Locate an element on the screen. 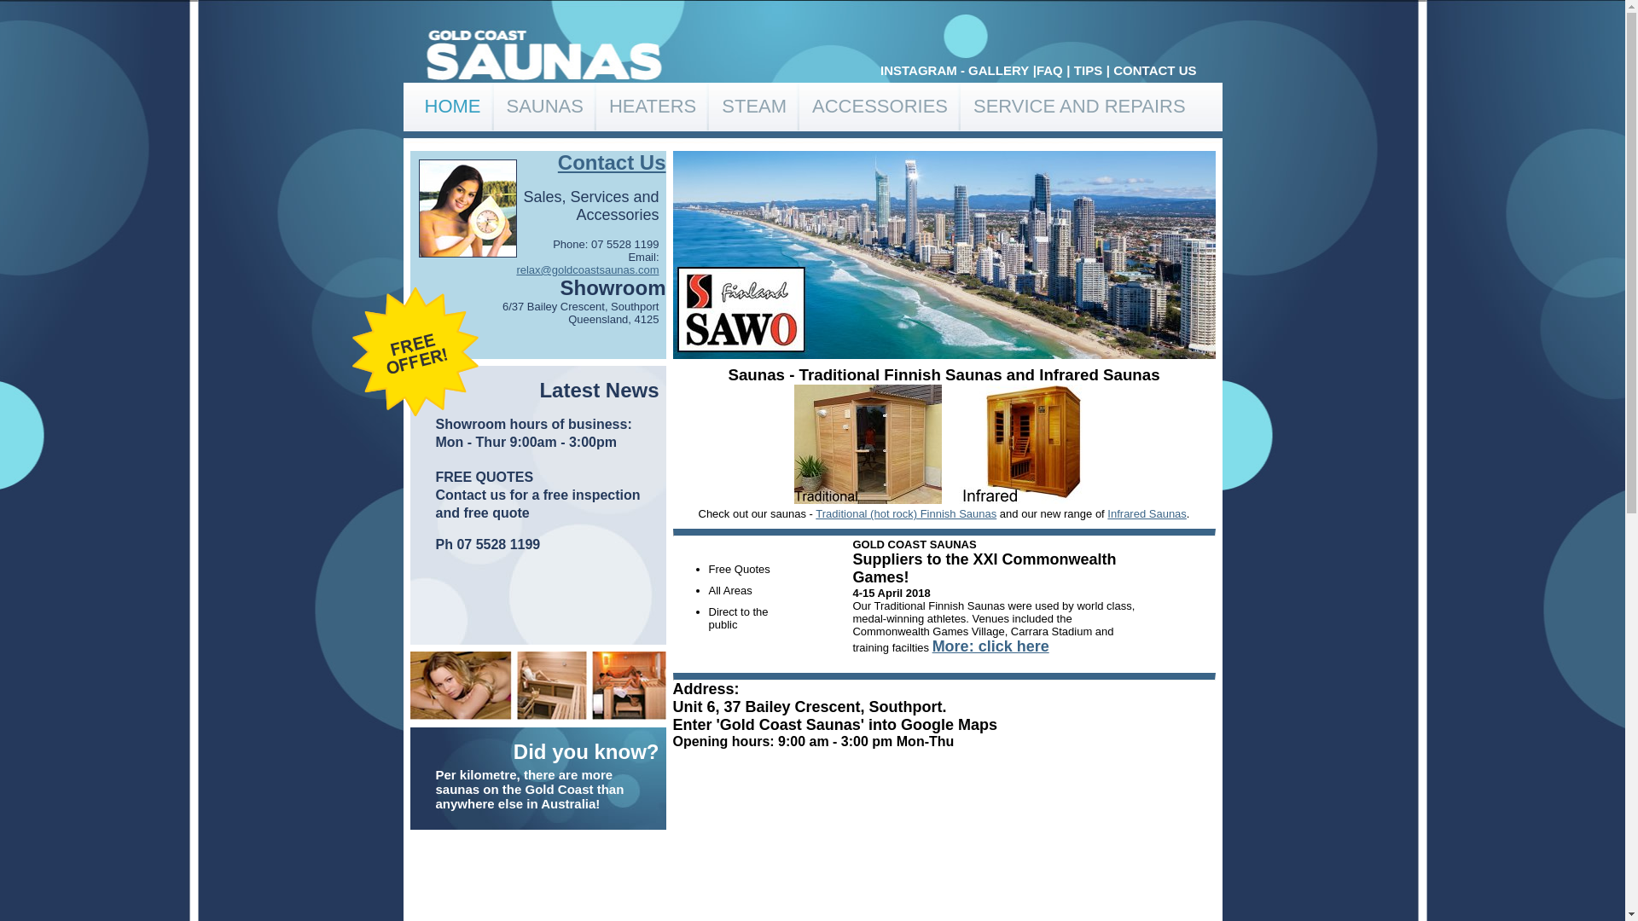 This screenshot has height=921, width=1638. 'CONTACT US' is located at coordinates (1154, 69).